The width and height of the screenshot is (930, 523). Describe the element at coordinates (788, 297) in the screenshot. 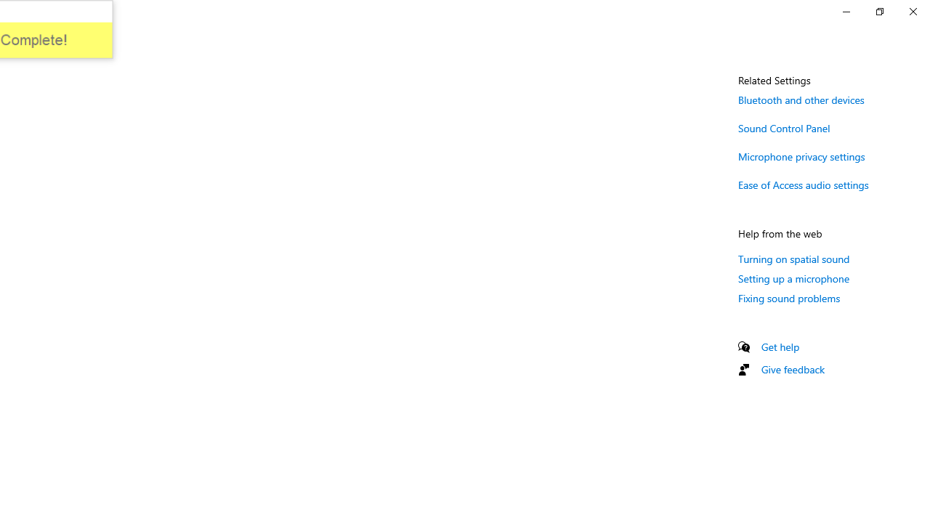

I see `'Fixing sound problems'` at that location.